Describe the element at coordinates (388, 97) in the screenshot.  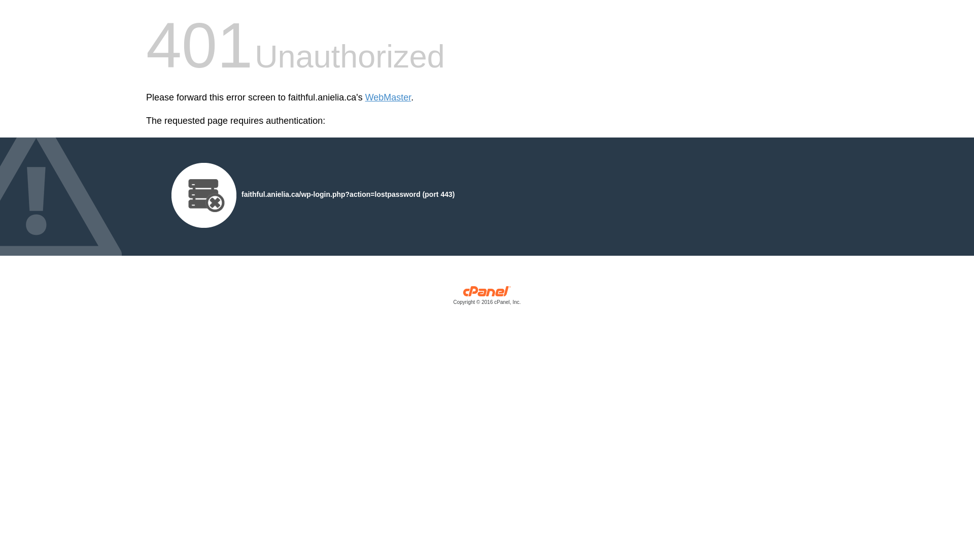
I see `'WebMaster'` at that location.